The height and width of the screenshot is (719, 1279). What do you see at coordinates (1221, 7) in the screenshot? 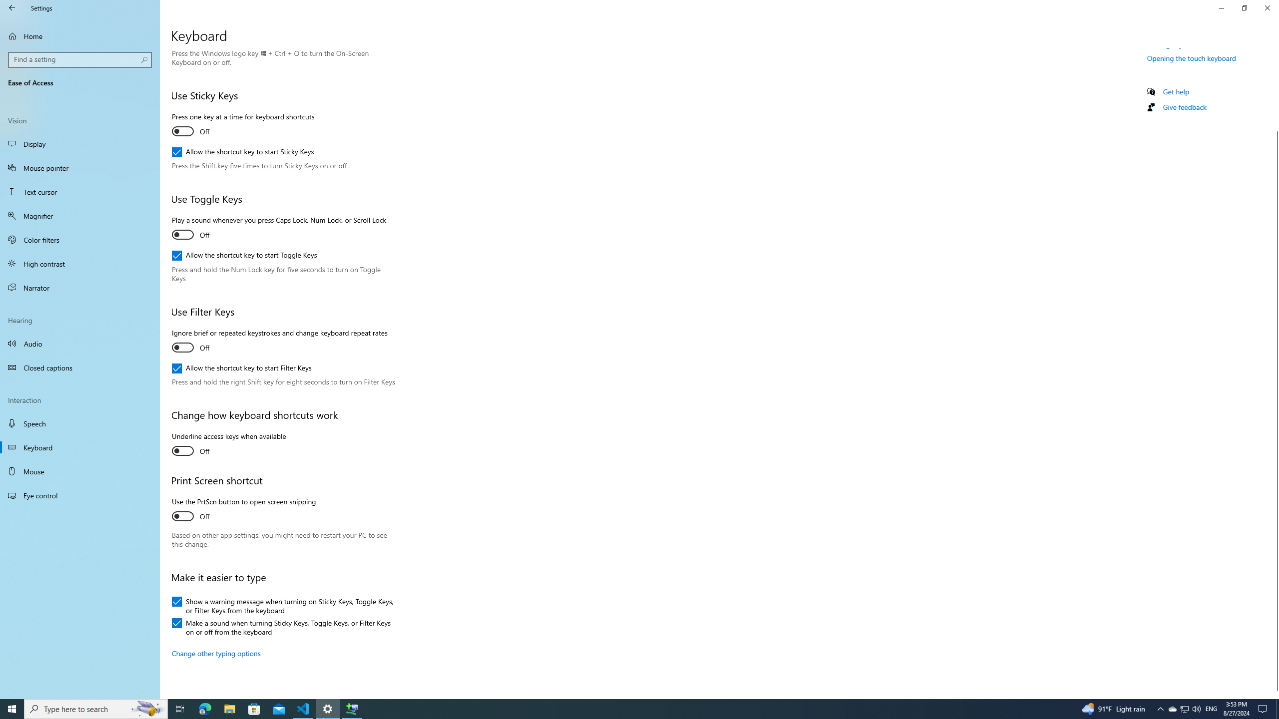
I see `'Minimize Settings'` at bounding box center [1221, 7].